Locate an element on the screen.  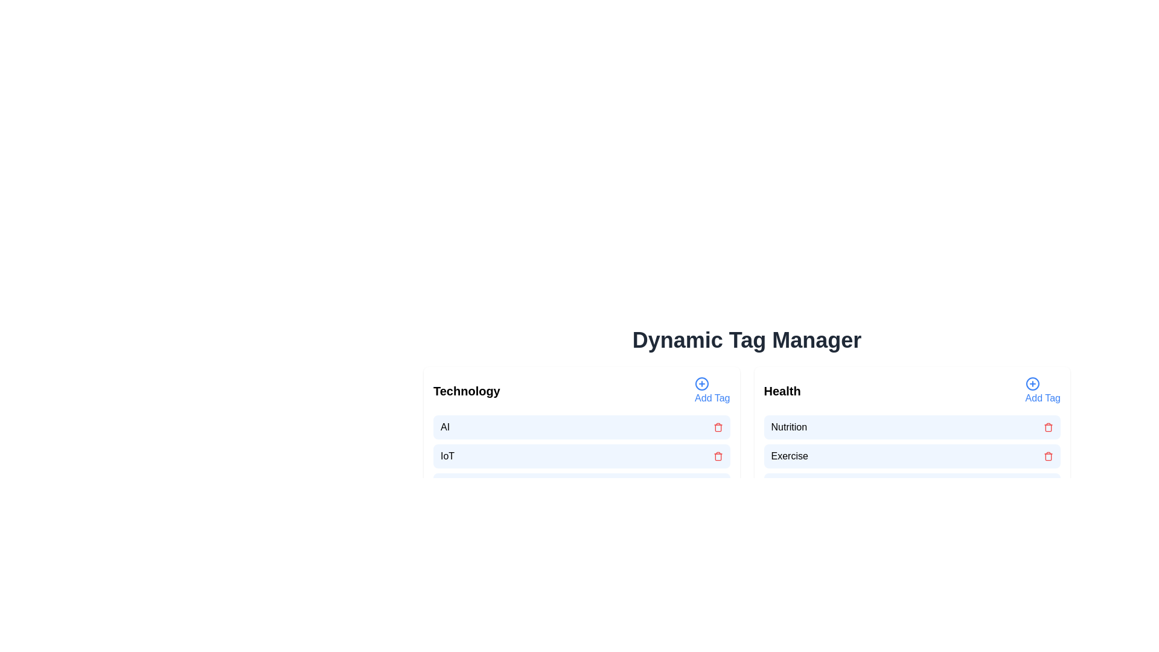
the 'Health' section header element is located at coordinates (912, 391).